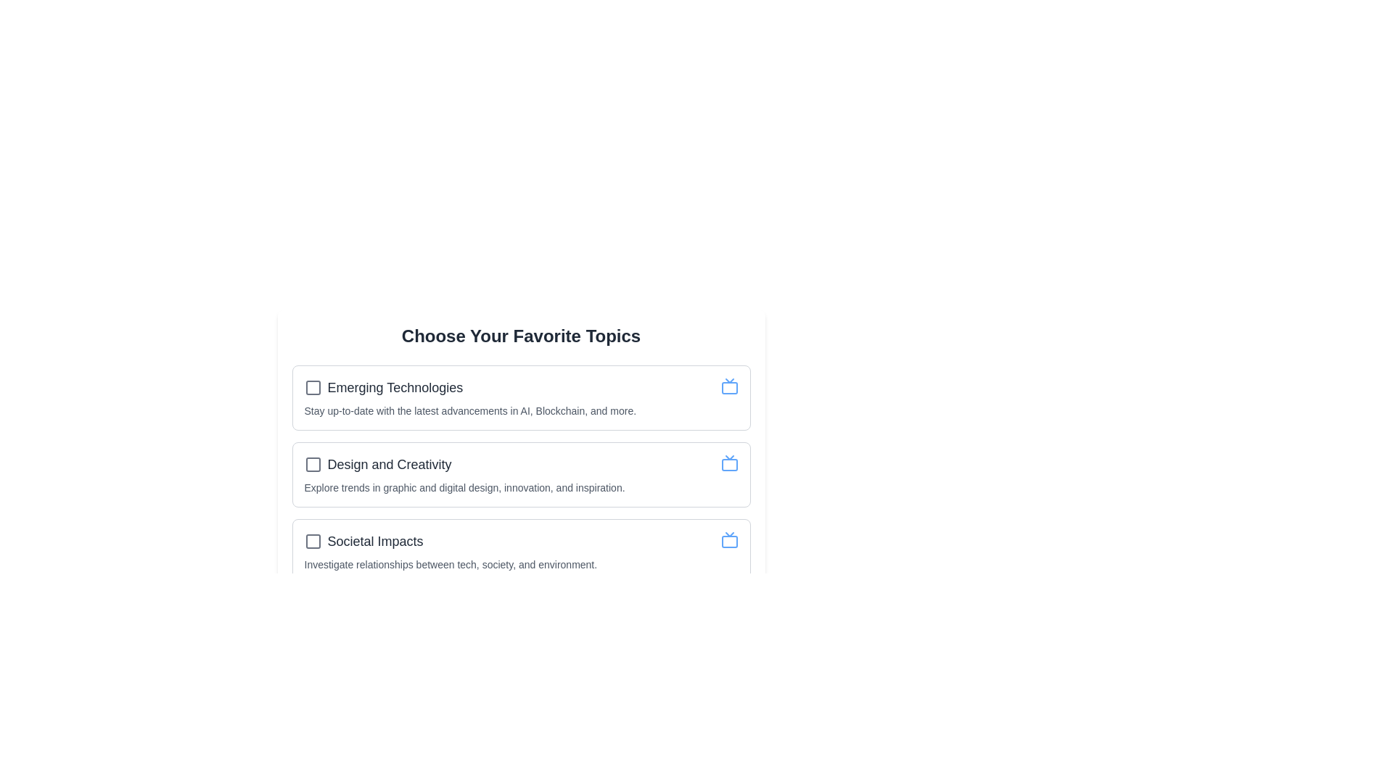  What do you see at coordinates (312, 542) in the screenshot?
I see `the SVG rectangle indicating the unchecked state of the checkbox for 'Societal Impacts'` at bounding box center [312, 542].